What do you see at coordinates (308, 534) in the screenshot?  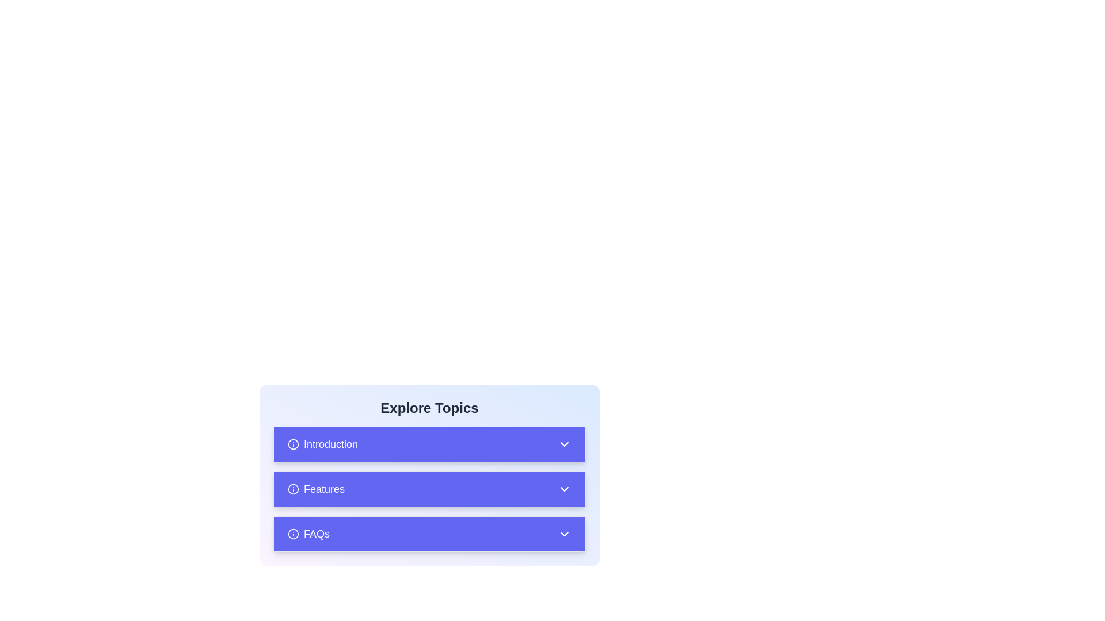 I see `the FAQ button-like label at the bottom of the 'Explore Topics' section` at bounding box center [308, 534].